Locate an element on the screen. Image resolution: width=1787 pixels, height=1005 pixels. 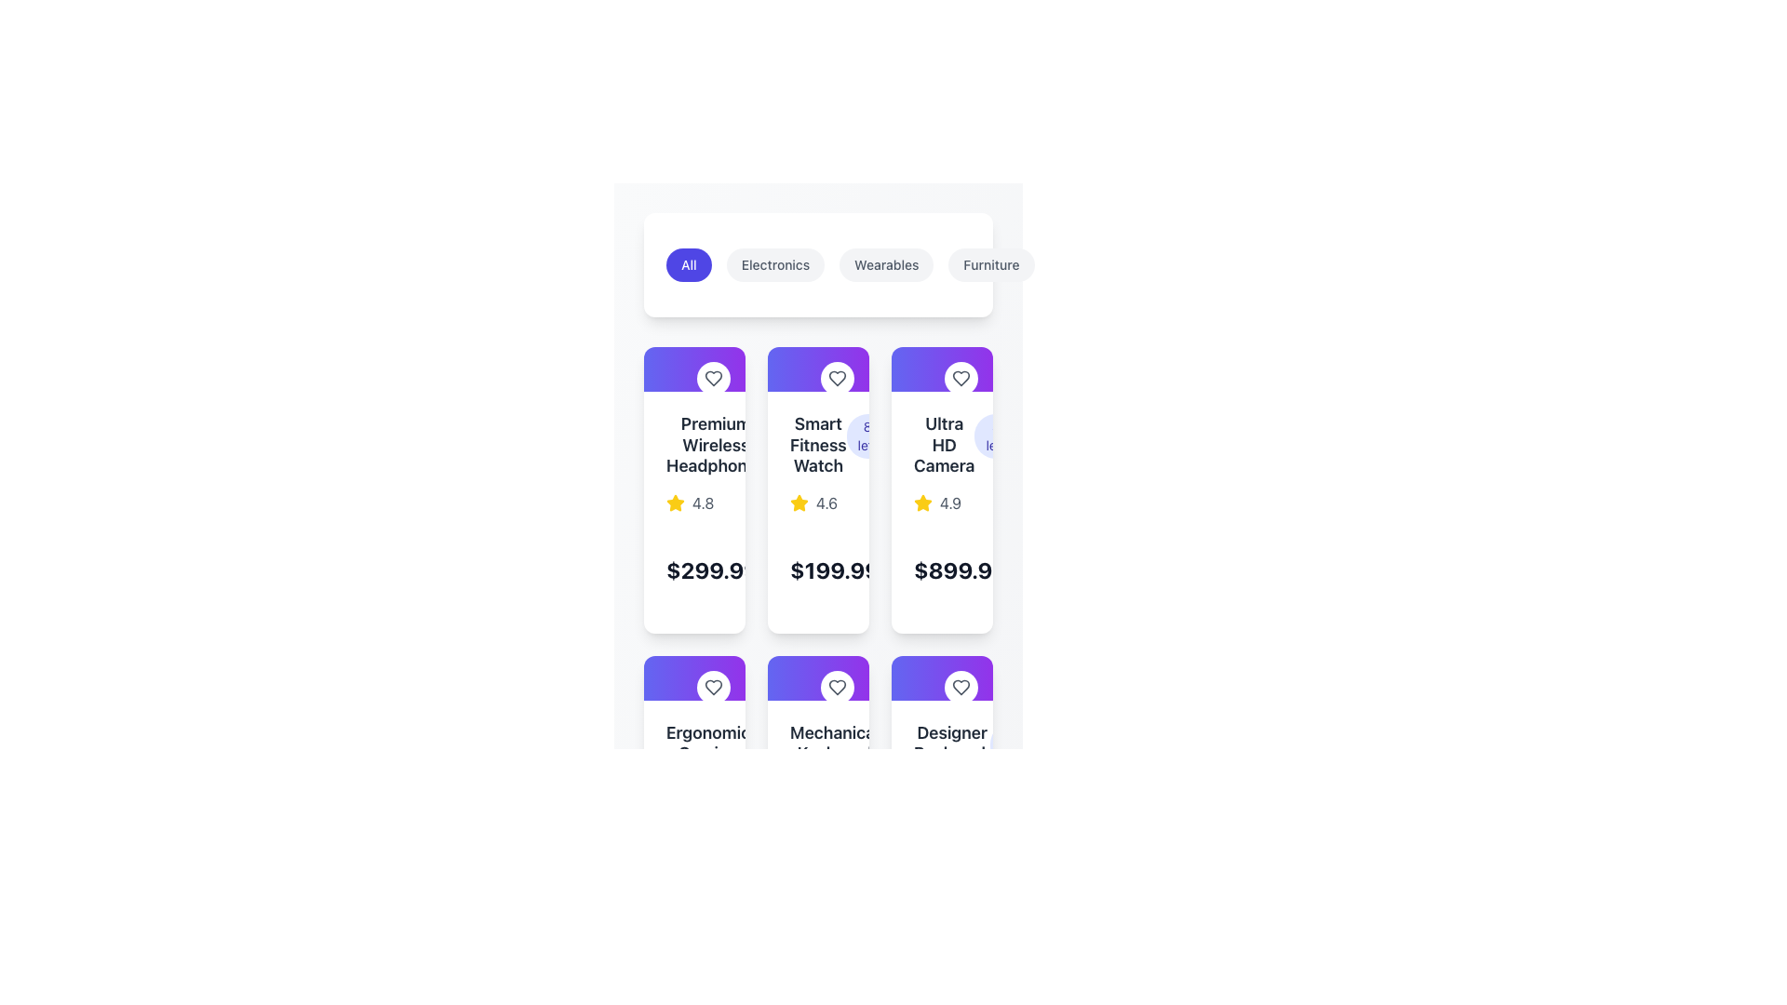
the star rating icon located in the third product card from the left, positioned below the title 'Ultra HD Camera' and above the numeric rating '4.9' is located at coordinates (923, 502).